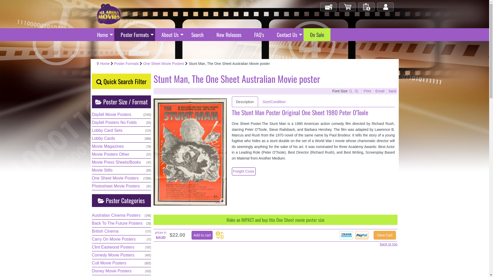 The width and height of the screenshot is (493, 277). Describe the element at coordinates (216, 235) in the screenshot. I see `'Currency Converter'` at that location.